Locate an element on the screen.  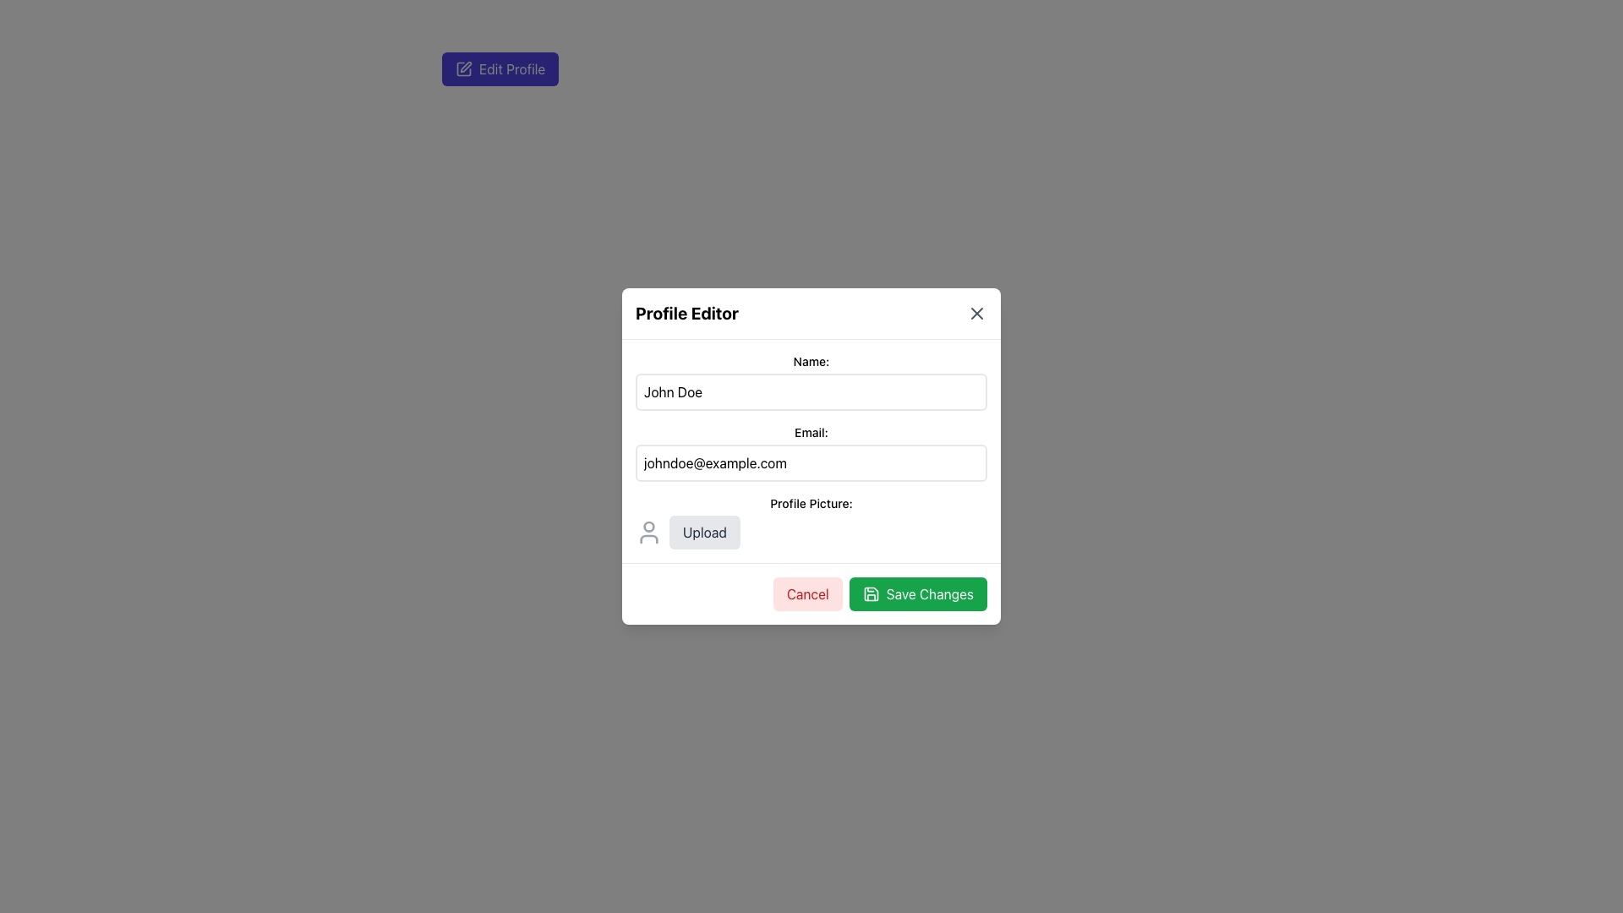
text of the title label in the modal dialog that provides context for editing user profile details, positioned leftmost in the top row of the modal's header section is located at coordinates (686, 313).